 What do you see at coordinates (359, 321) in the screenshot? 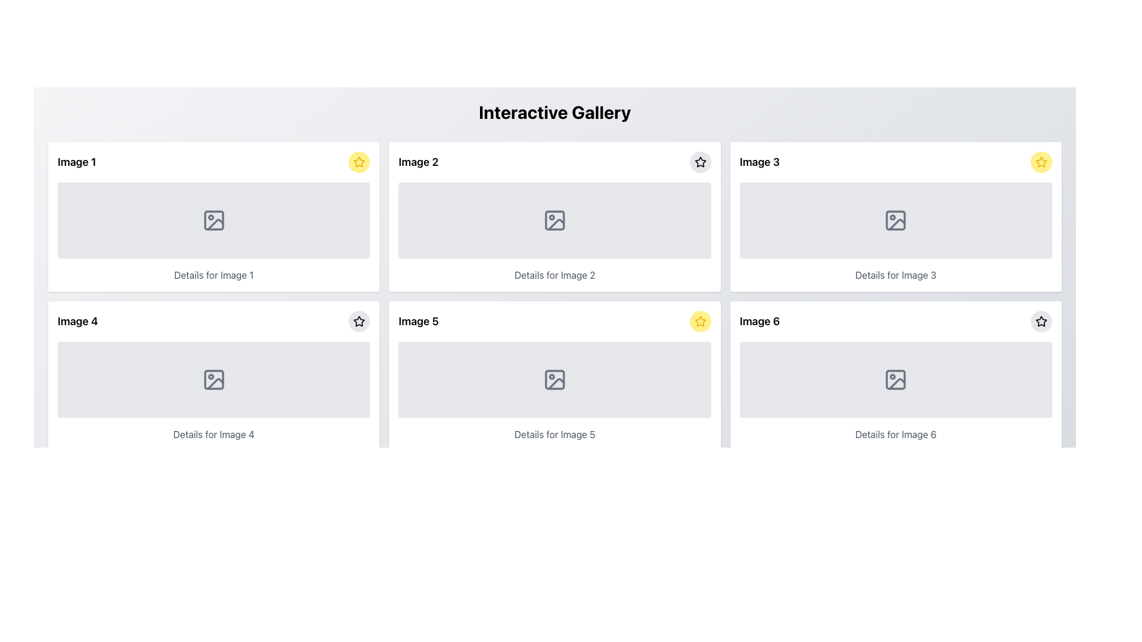
I see `the button located in the top-right corner of the 'Image 4' section` at bounding box center [359, 321].